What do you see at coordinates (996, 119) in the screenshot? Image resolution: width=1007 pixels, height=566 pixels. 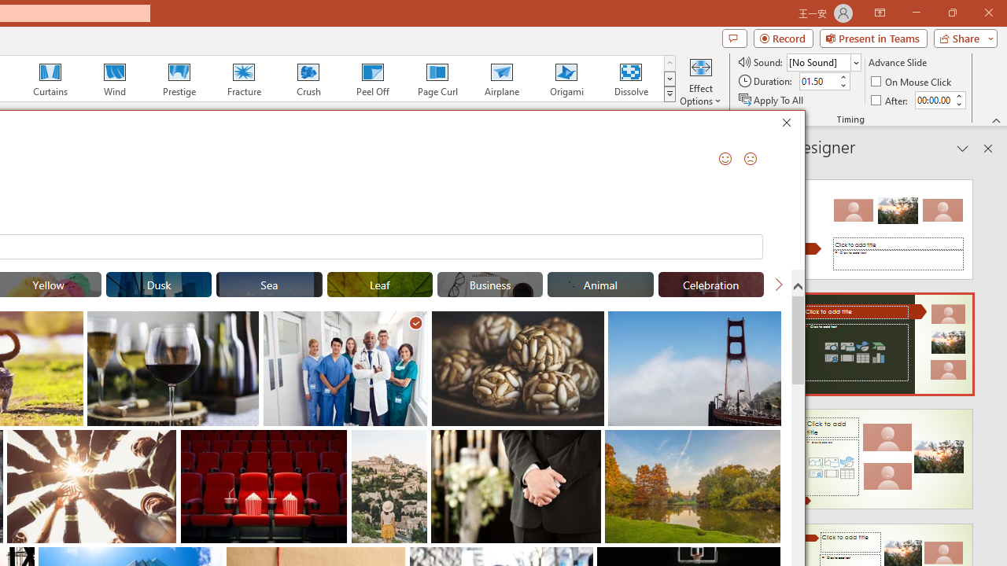 I see `'Collapse the Ribbon'` at bounding box center [996, 119].